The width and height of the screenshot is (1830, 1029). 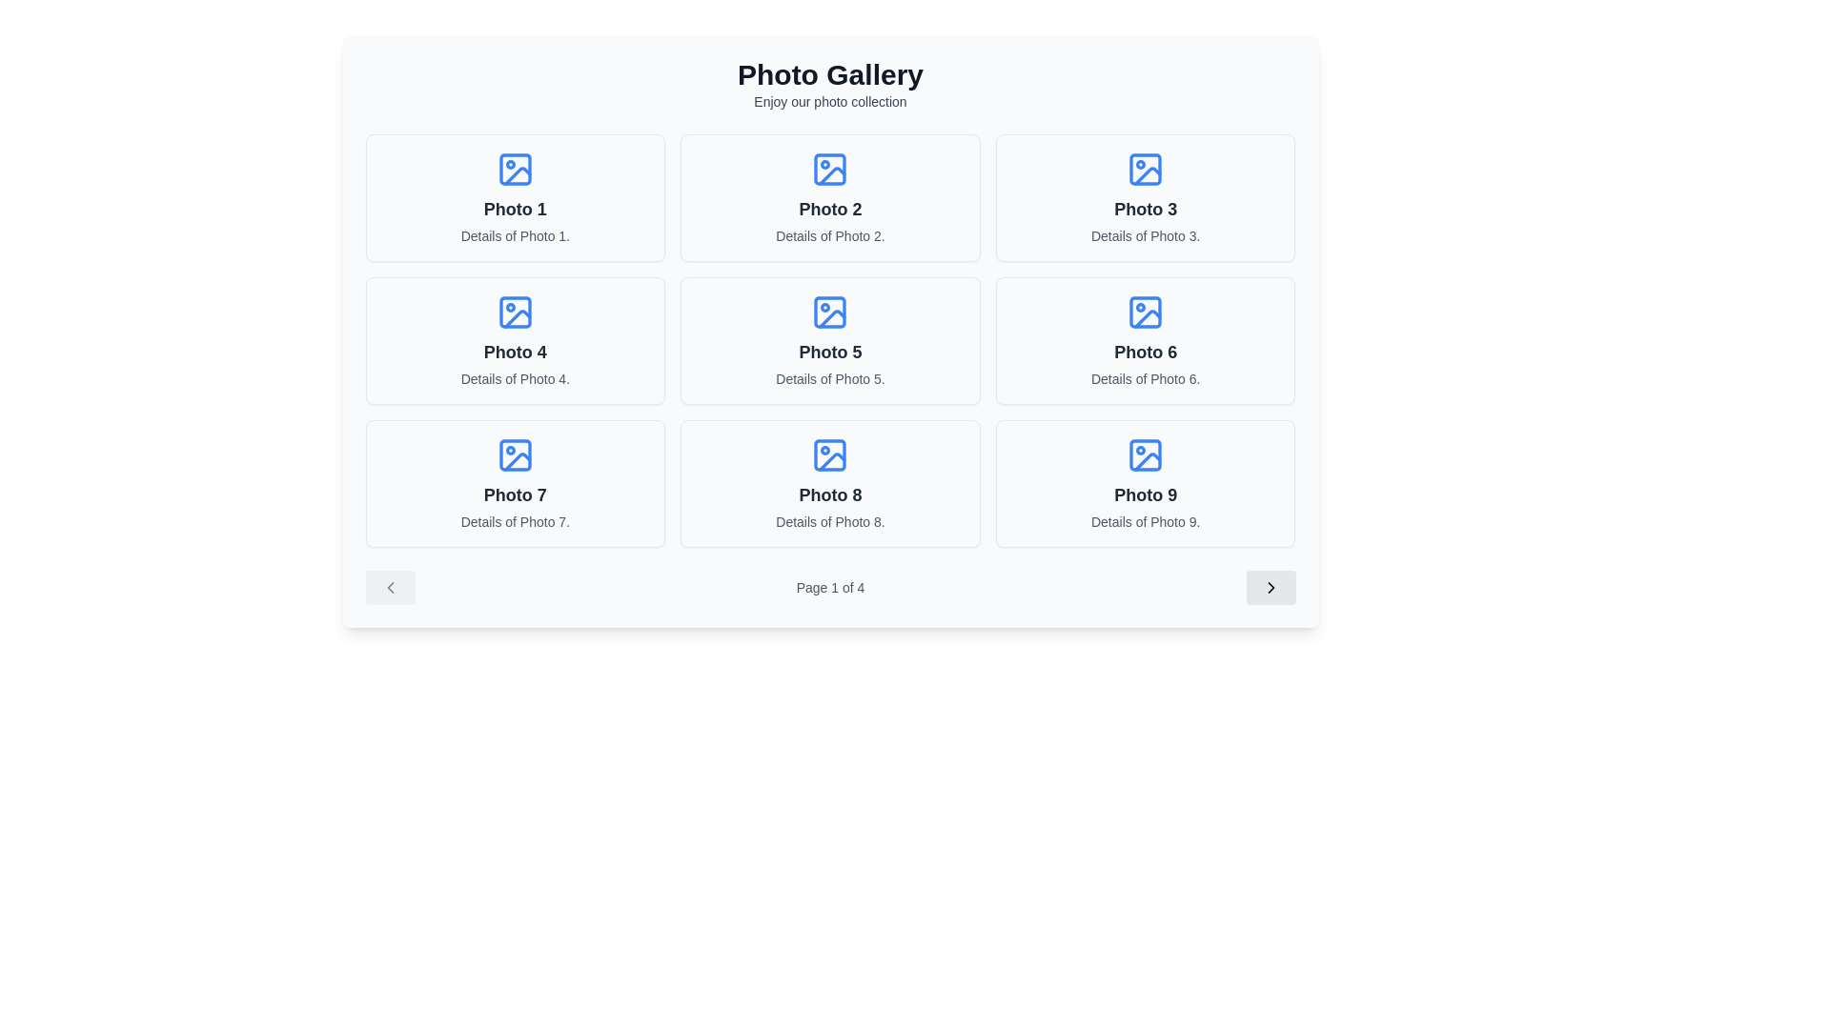 I want to click on the text display element that shows 'Photo Gallery' in bold, large text and the subtitle 'Enjoy our photo collection' below it, located at the top-center of the panel, so click(x=830, y=83).